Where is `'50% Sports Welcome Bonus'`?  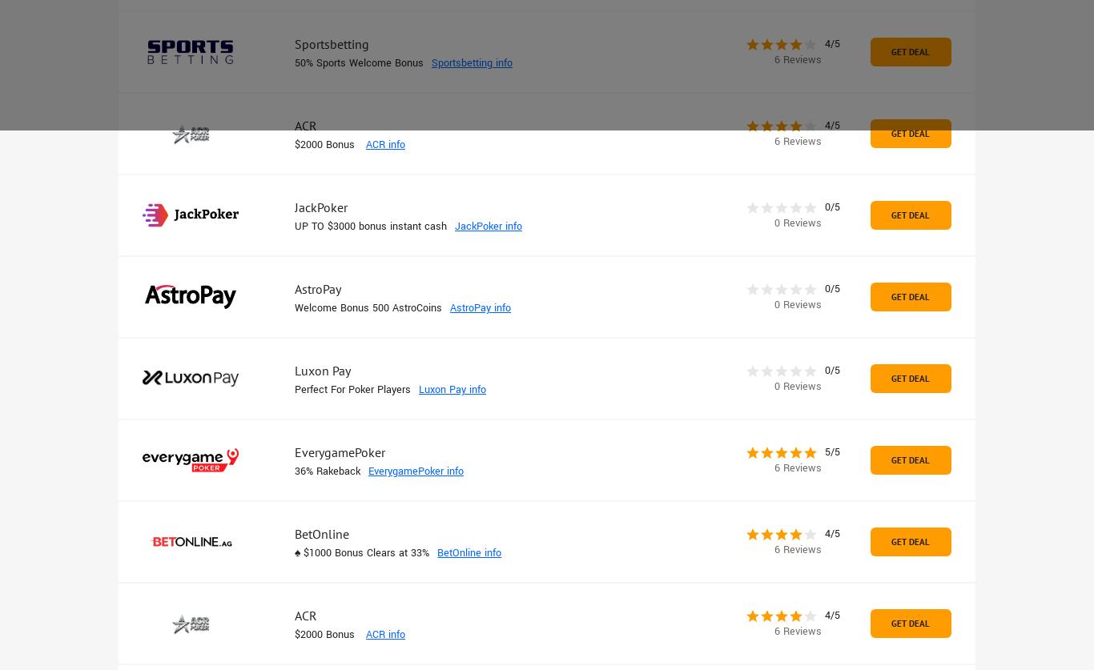 '50% Sports Welcome Bonus' is located at coordinates (294, 63).